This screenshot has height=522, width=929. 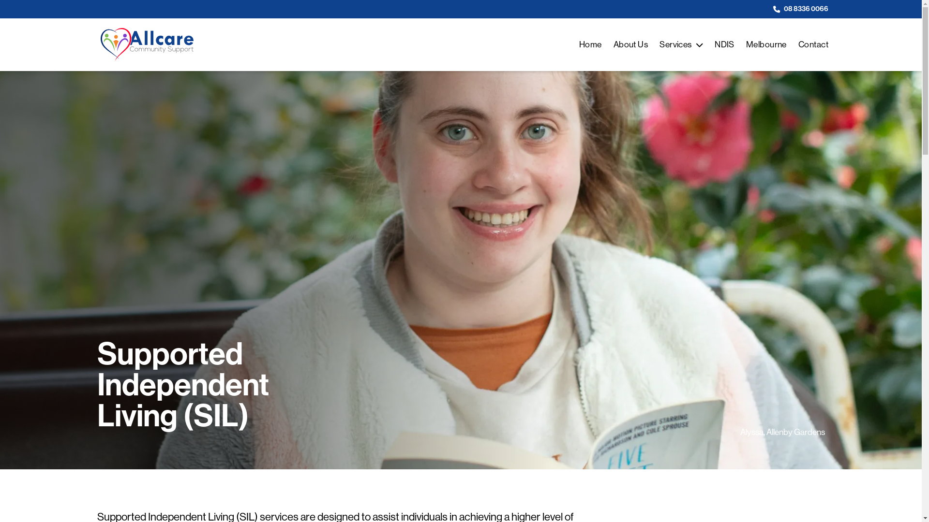 What do you see at coordinates (766, 44) in the screenshot?
I see `'Melbourne'` at bounding box center [766, 44].